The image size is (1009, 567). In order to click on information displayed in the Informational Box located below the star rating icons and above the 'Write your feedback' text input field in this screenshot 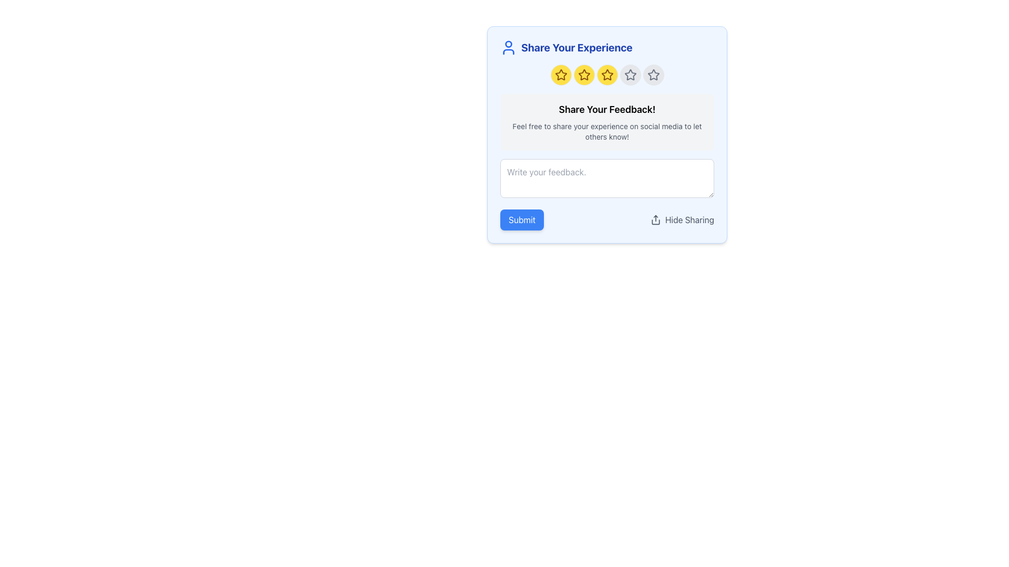, I will do `click(607, 121)`.